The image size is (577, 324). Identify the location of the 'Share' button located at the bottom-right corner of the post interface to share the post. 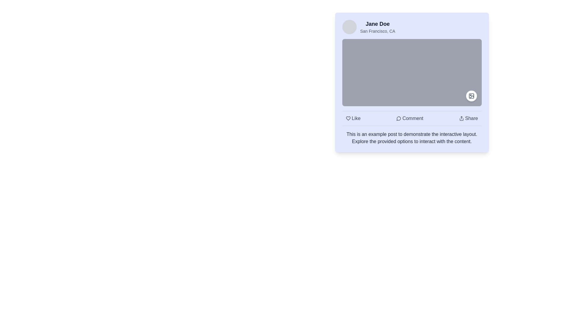
(468, 118).